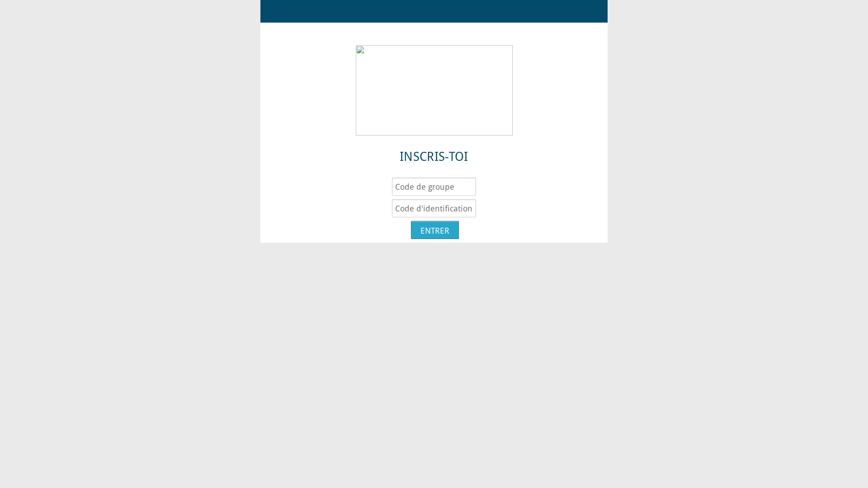 This screenshot has width=868, height=488. I want to click on 'ENTRER', so click(410, 230).